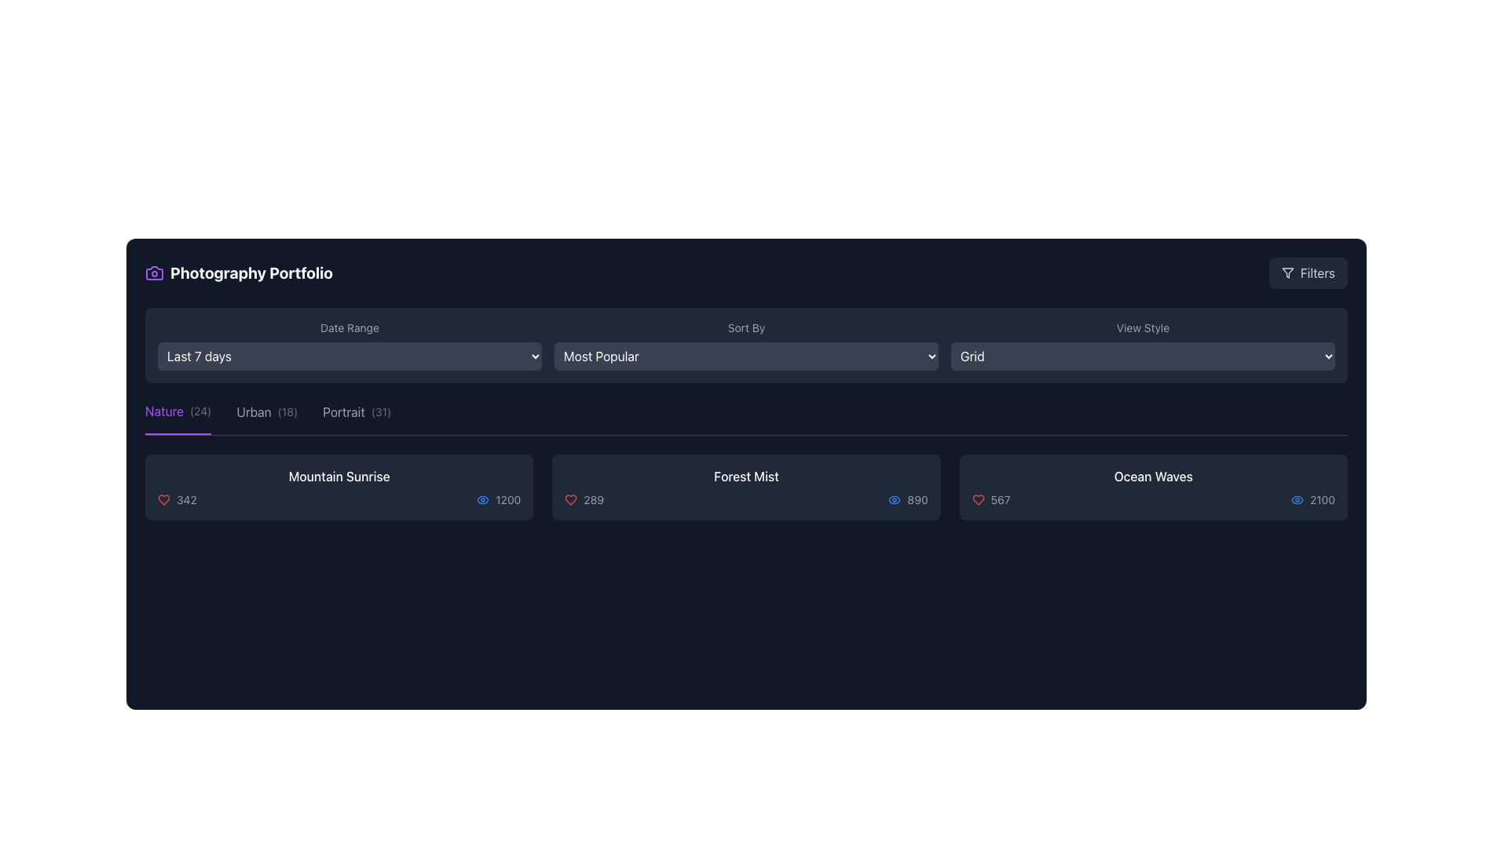 This screenshot has width=1508, height=848. I want to click on the funnel-shaped filtering icon located in the top-right corner of the interface, so click(1287, 272).